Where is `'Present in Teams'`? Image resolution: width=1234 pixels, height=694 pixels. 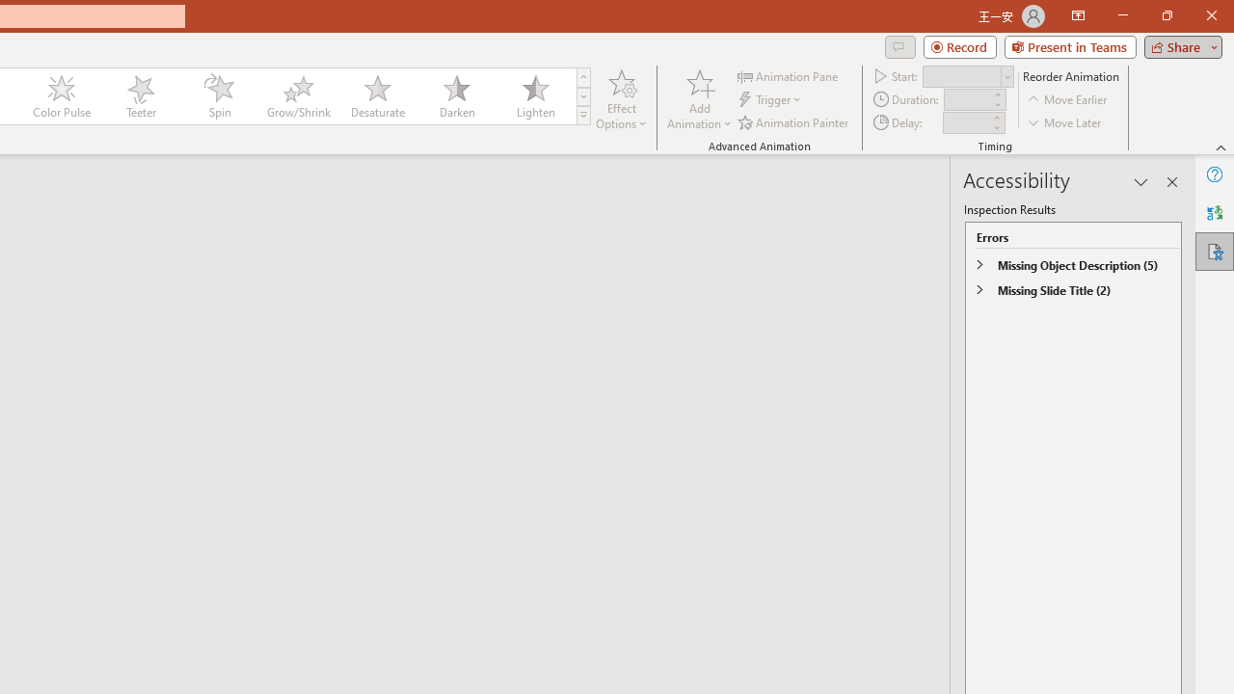
'Present in Teams' is located at coordinates (1069, 45).